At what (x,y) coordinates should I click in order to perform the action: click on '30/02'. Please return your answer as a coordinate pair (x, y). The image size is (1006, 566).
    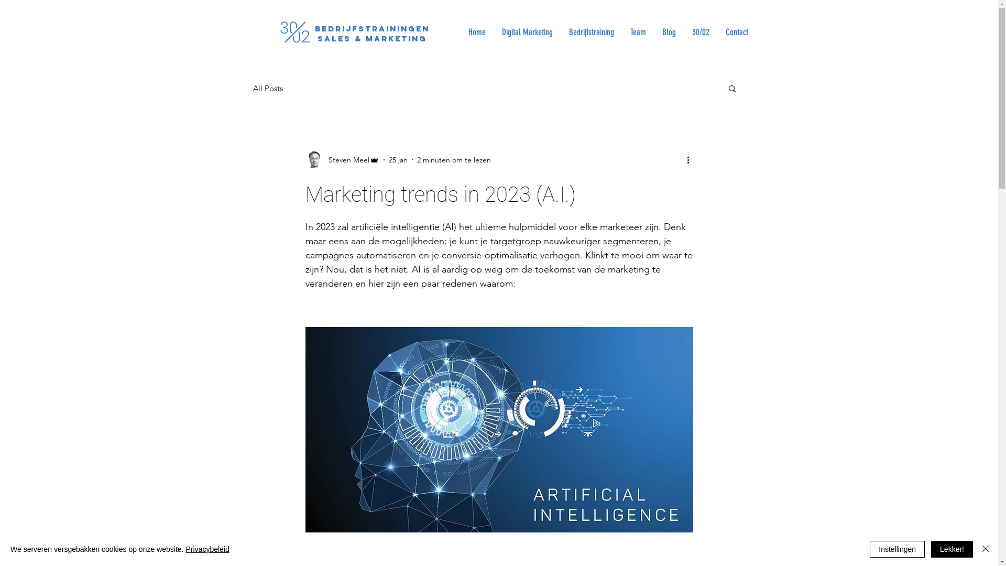
    Looking at the image, I should click on (699, 31).